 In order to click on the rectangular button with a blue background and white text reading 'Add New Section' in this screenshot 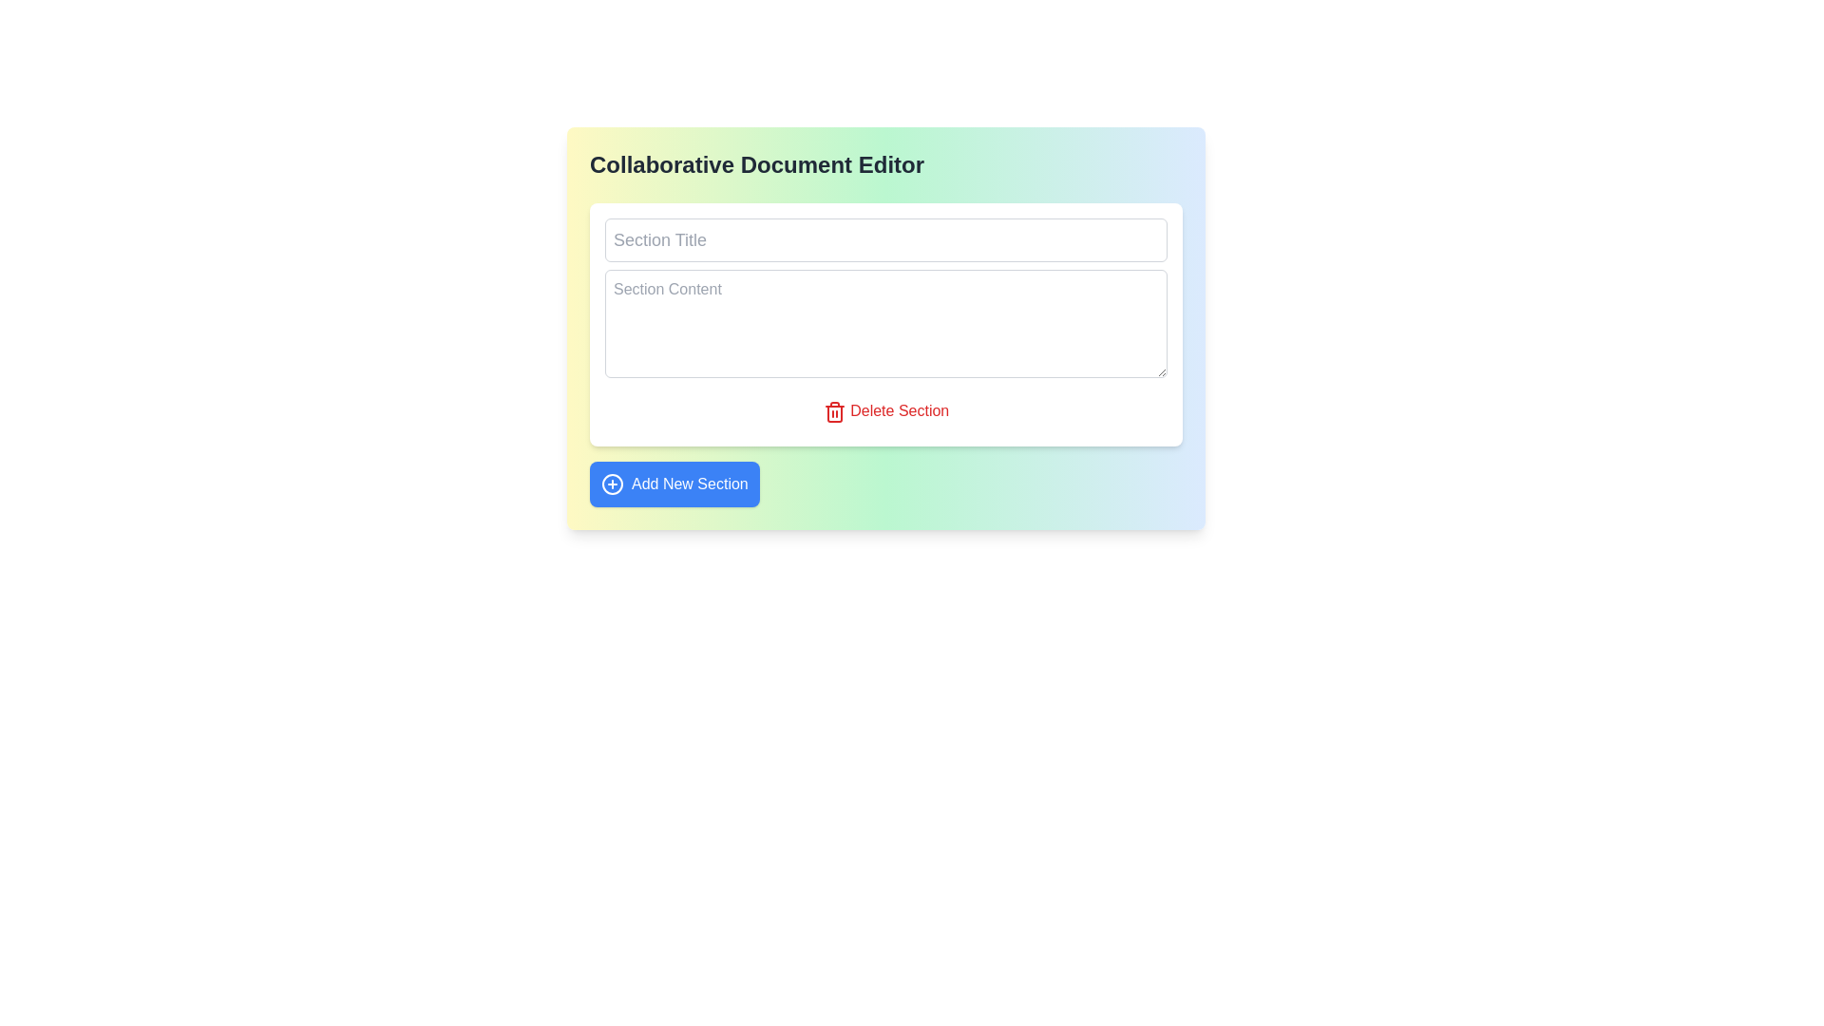, I will do `click(674, 483)`.